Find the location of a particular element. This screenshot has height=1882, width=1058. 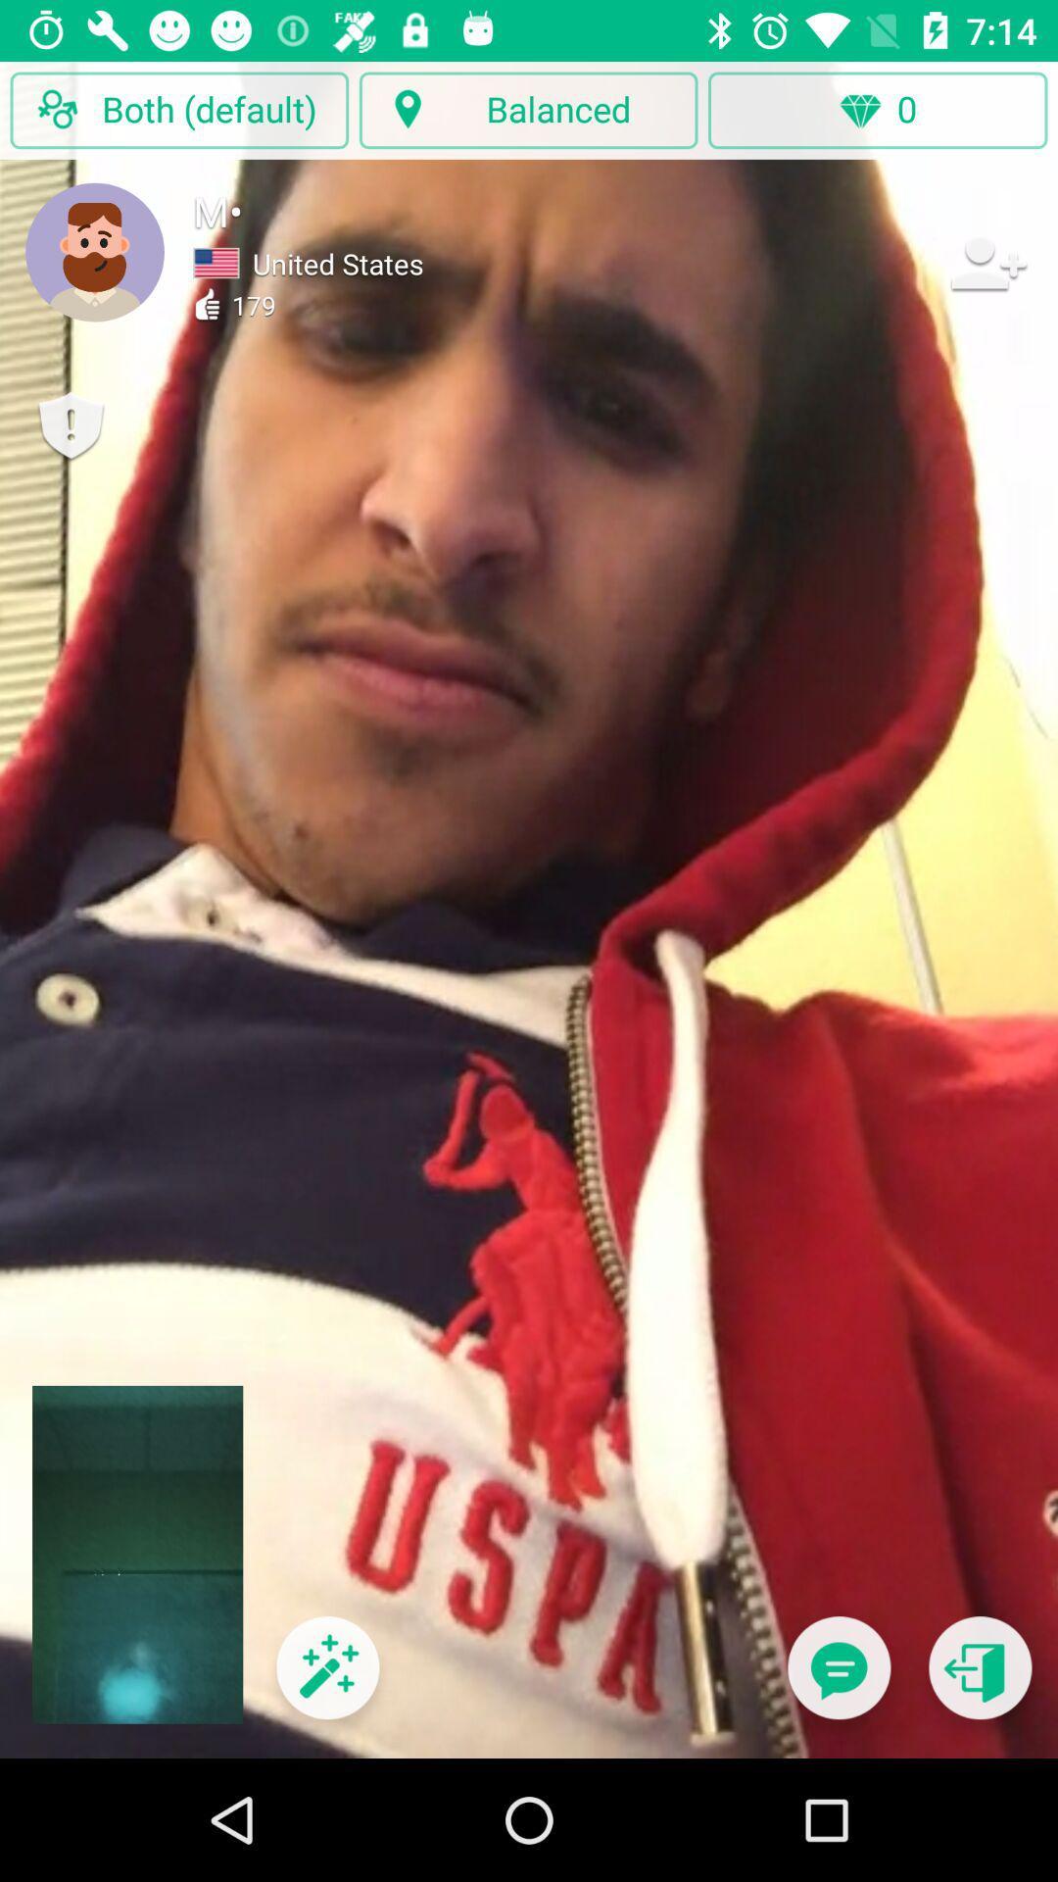

the avatar icon is located at coordinates (95, 251).